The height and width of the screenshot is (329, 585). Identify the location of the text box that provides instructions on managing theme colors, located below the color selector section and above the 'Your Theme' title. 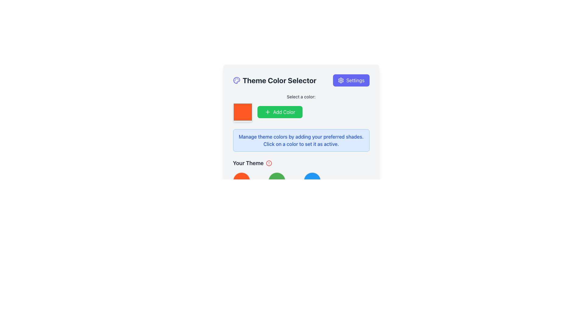
(301, 131).